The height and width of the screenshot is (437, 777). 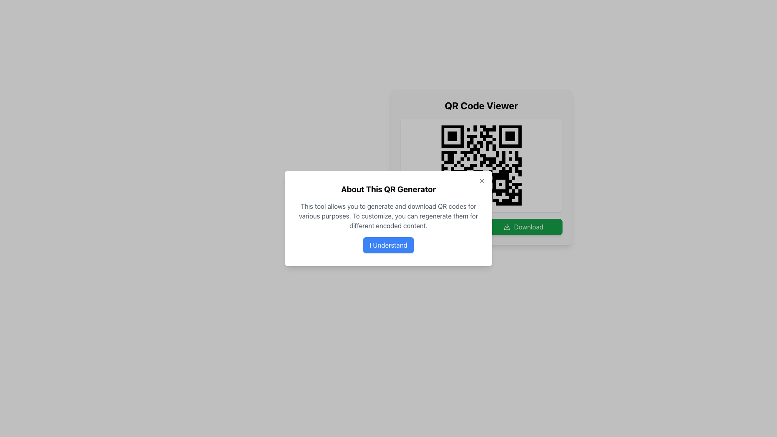 I want to click on the second button in the horizontal layout that initiates the download of the QR code image to download the file, so click(x=523, y=227).